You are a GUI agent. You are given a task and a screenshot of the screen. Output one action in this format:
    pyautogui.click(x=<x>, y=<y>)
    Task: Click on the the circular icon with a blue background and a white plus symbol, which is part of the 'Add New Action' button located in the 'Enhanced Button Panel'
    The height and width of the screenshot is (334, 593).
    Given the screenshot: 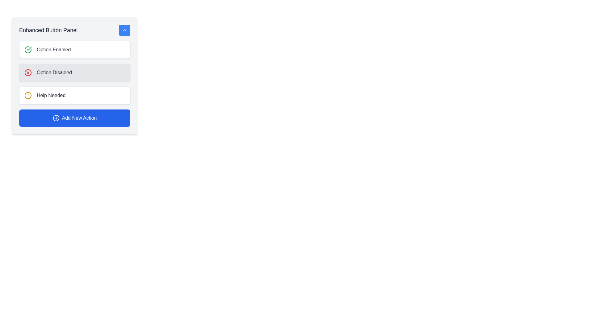 What is the action you would take?
    pyautogui.click(x=56, y=118)
    